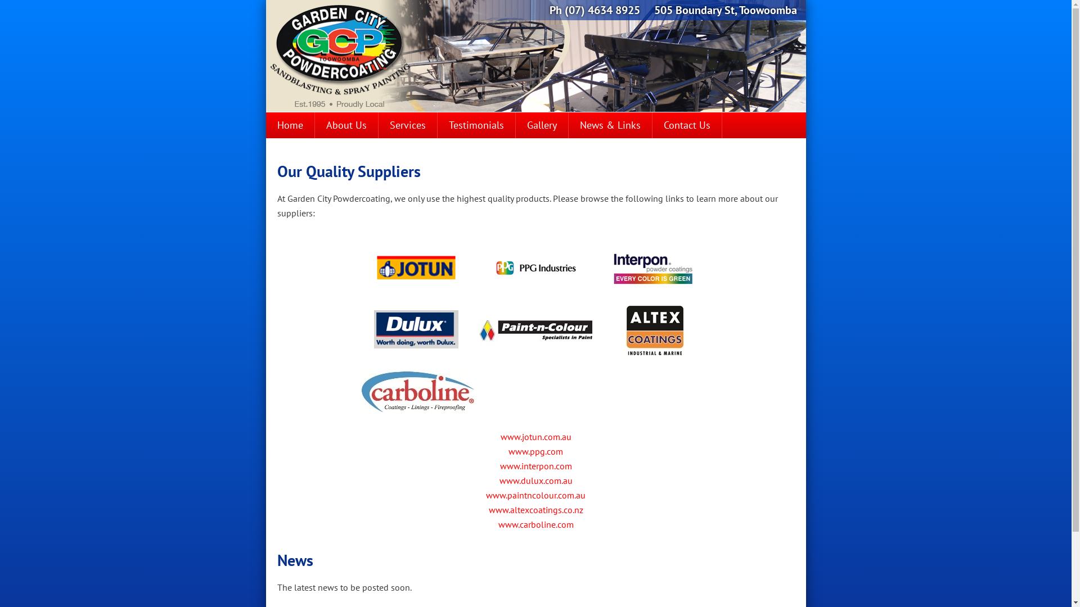  What do you see at coordinates (568, 125) in the screenshot?
I see `'News & Links'` at bounding box center [568, 125].